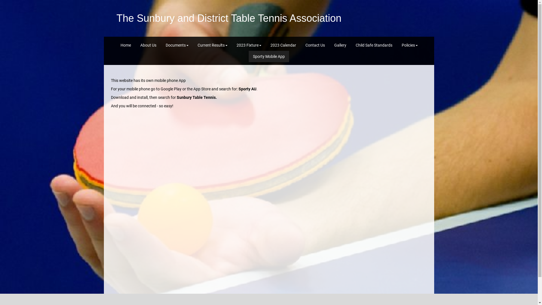  What do you see at coordinates (125, 45) in the screenshot?
I see `'Home'` at bounding box center [125, 45].